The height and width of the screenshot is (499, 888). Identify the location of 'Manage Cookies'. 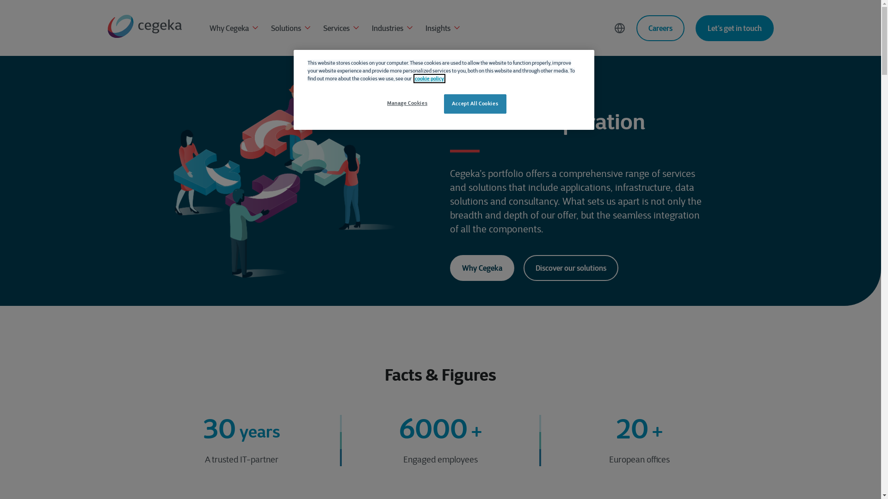
(407, 103).